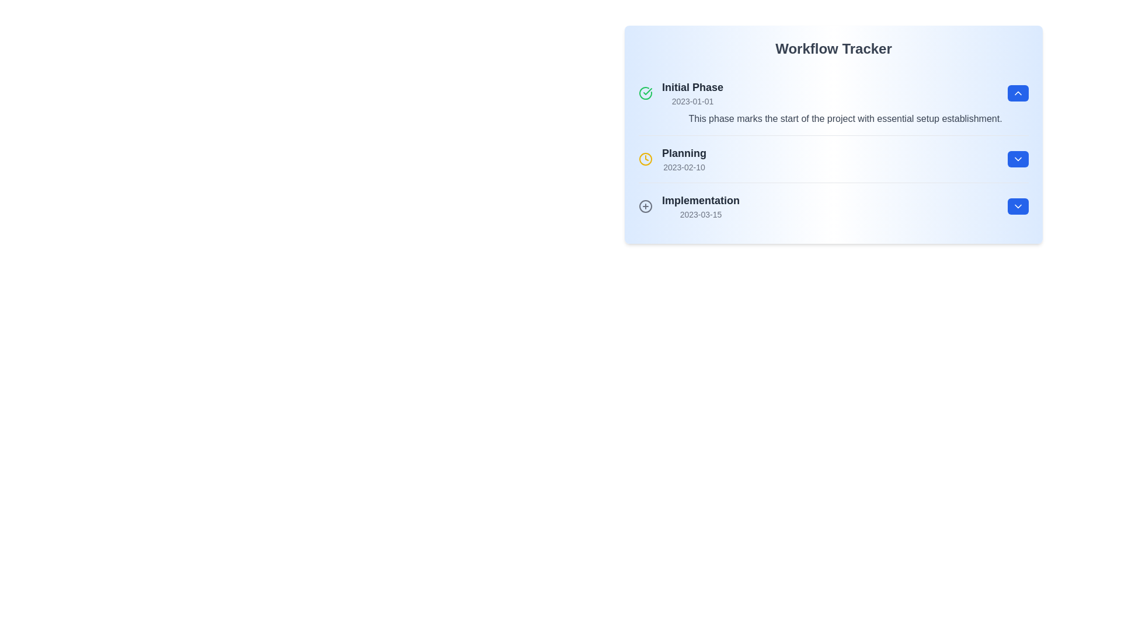 This screenshot has width=1121, height=630. I want to click on the green circular checkmark icon located to the left of the 'Initial Phase' label in the 'Workflow Tracker' component, so click(645, 92).